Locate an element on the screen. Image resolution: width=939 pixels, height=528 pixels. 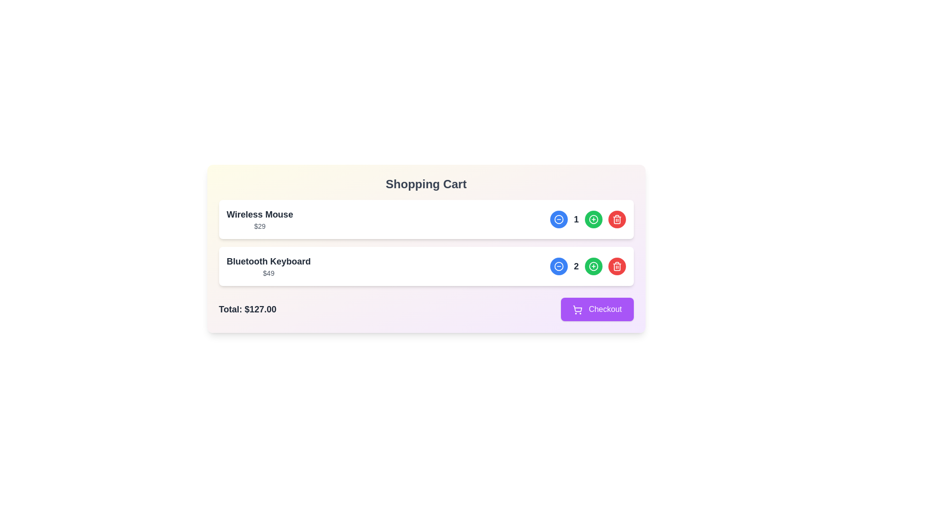
the green circle increment button for the 'Bluetooth Keyboard' item in the shopping cart to increase the quantity is located at coordinates (426, 266).